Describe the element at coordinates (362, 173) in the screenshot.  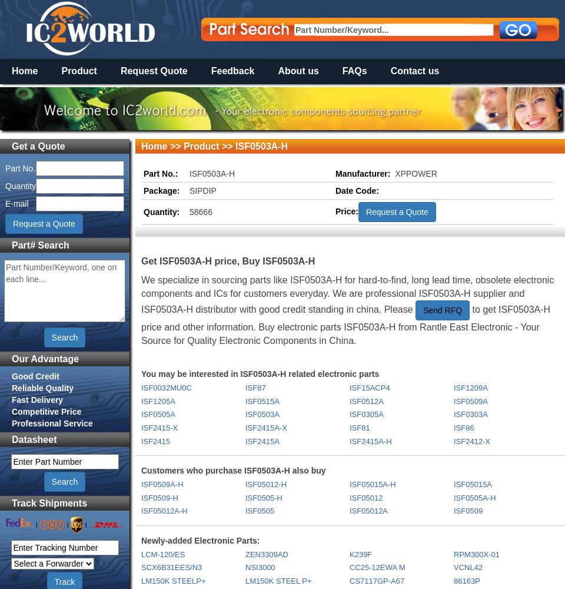
I see `'Manufacturer:'` at that location.